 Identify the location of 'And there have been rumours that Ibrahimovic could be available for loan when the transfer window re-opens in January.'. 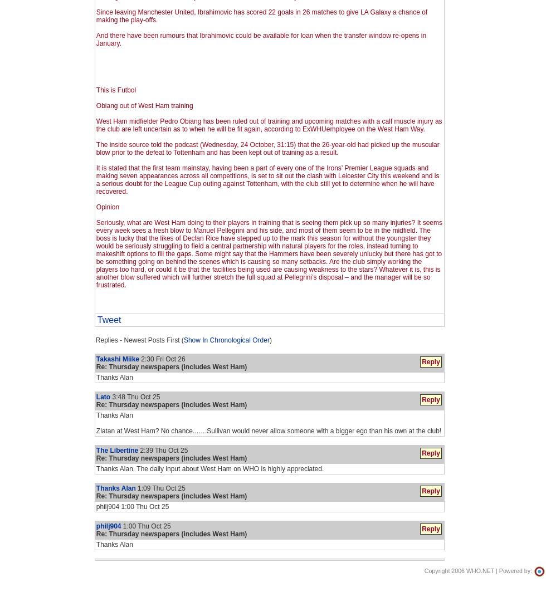
(261, 40).